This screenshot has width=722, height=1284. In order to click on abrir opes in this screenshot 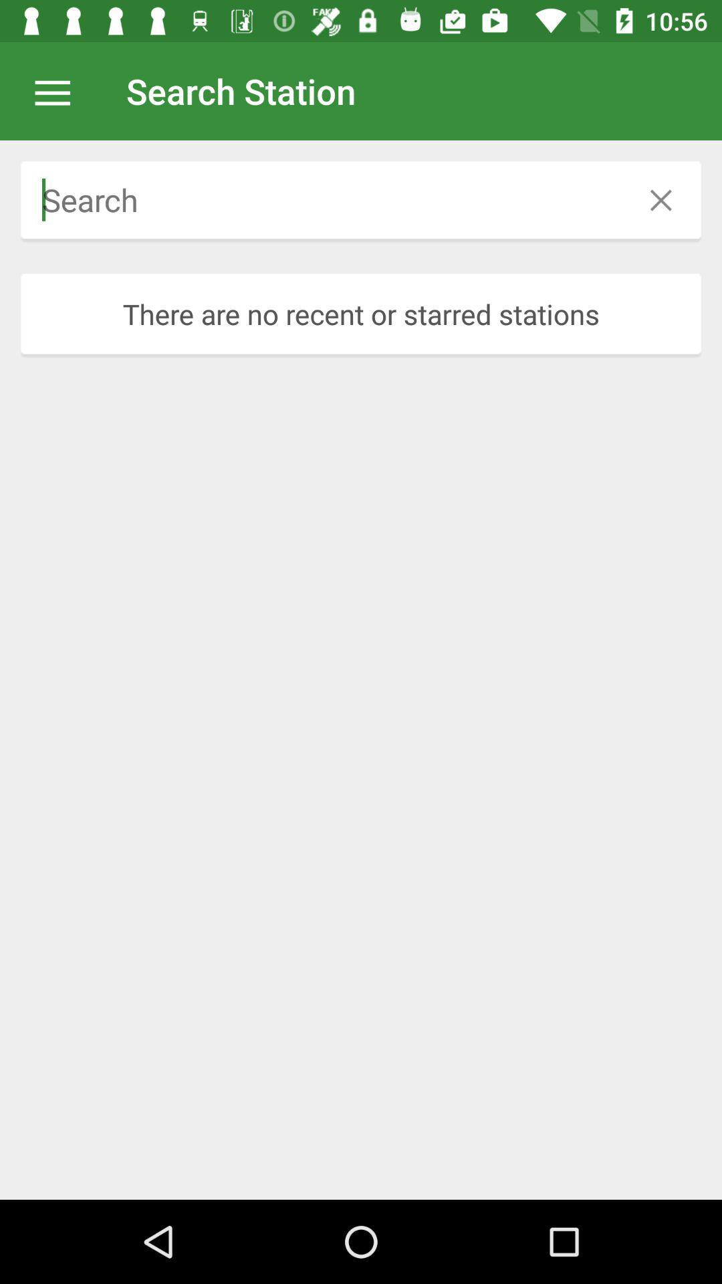, I will do `click(59, 90)`.